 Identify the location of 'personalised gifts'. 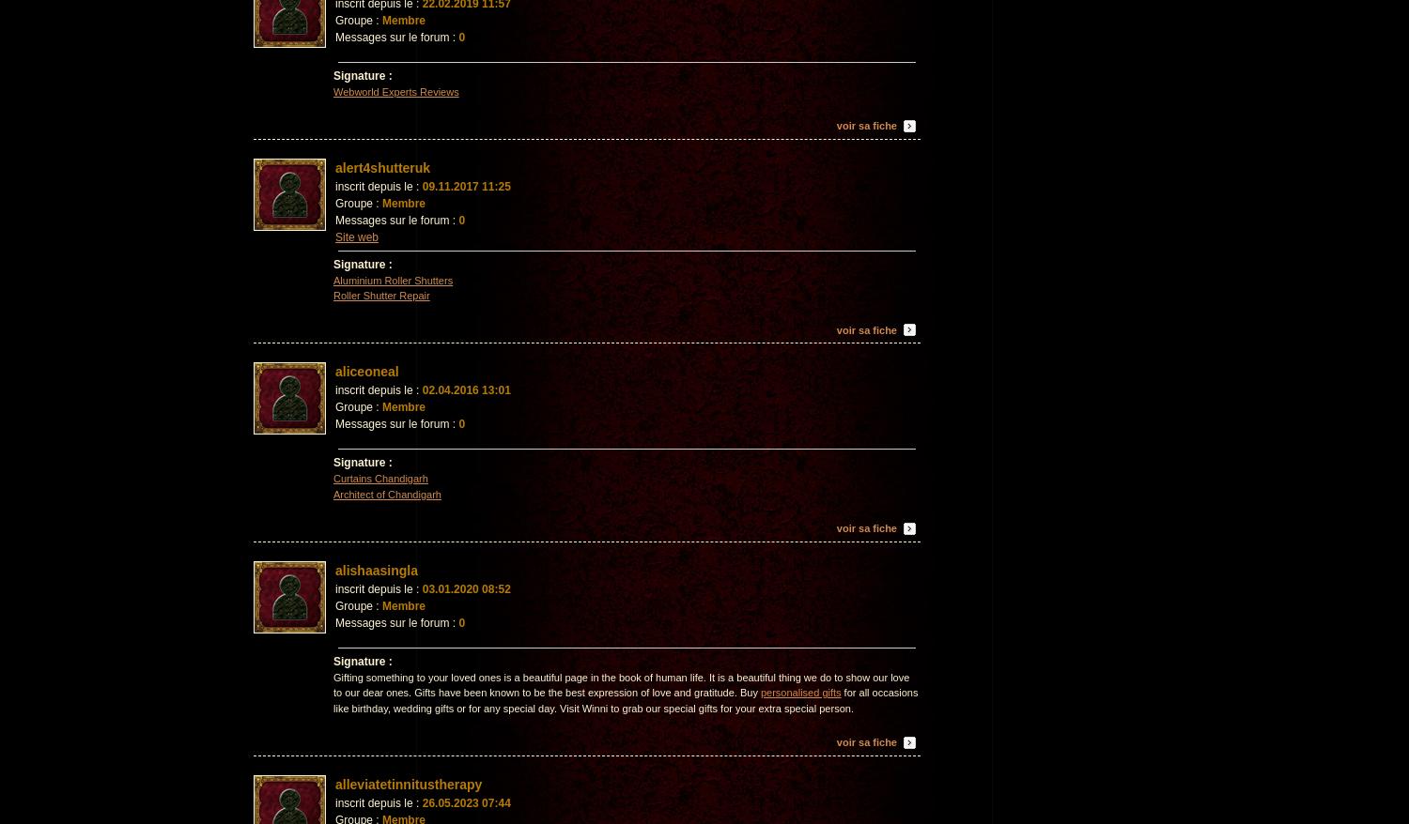
(798, 691).